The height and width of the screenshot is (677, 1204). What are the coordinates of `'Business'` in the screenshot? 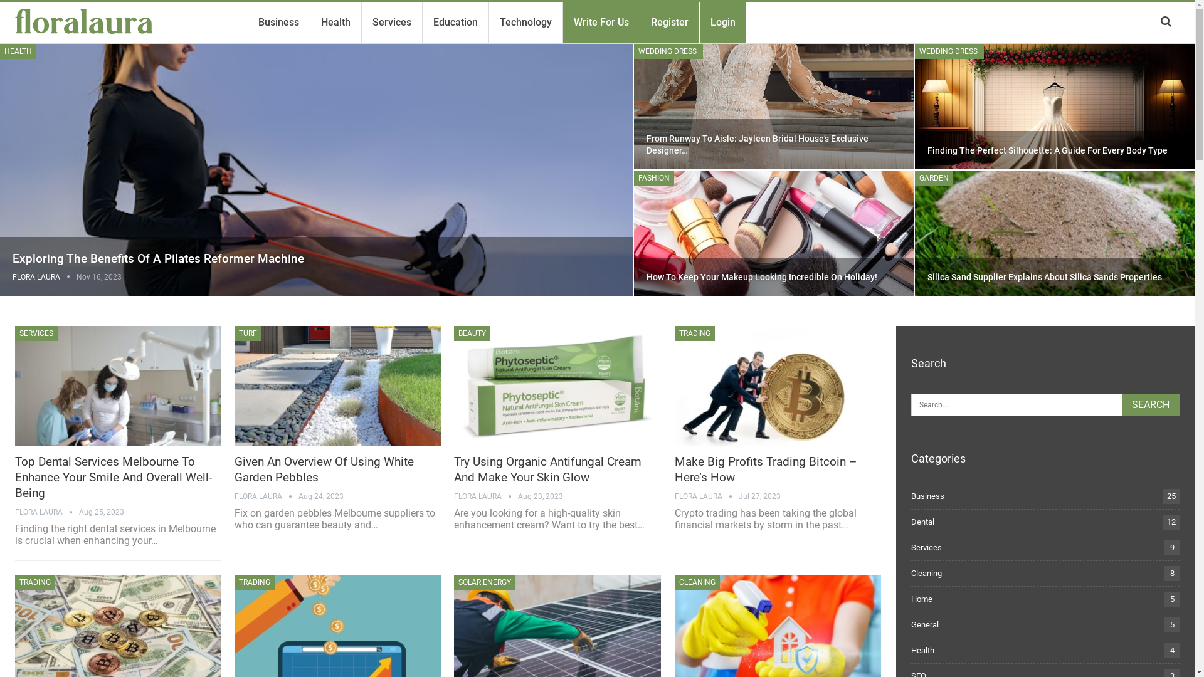 It's located at (278, 22).